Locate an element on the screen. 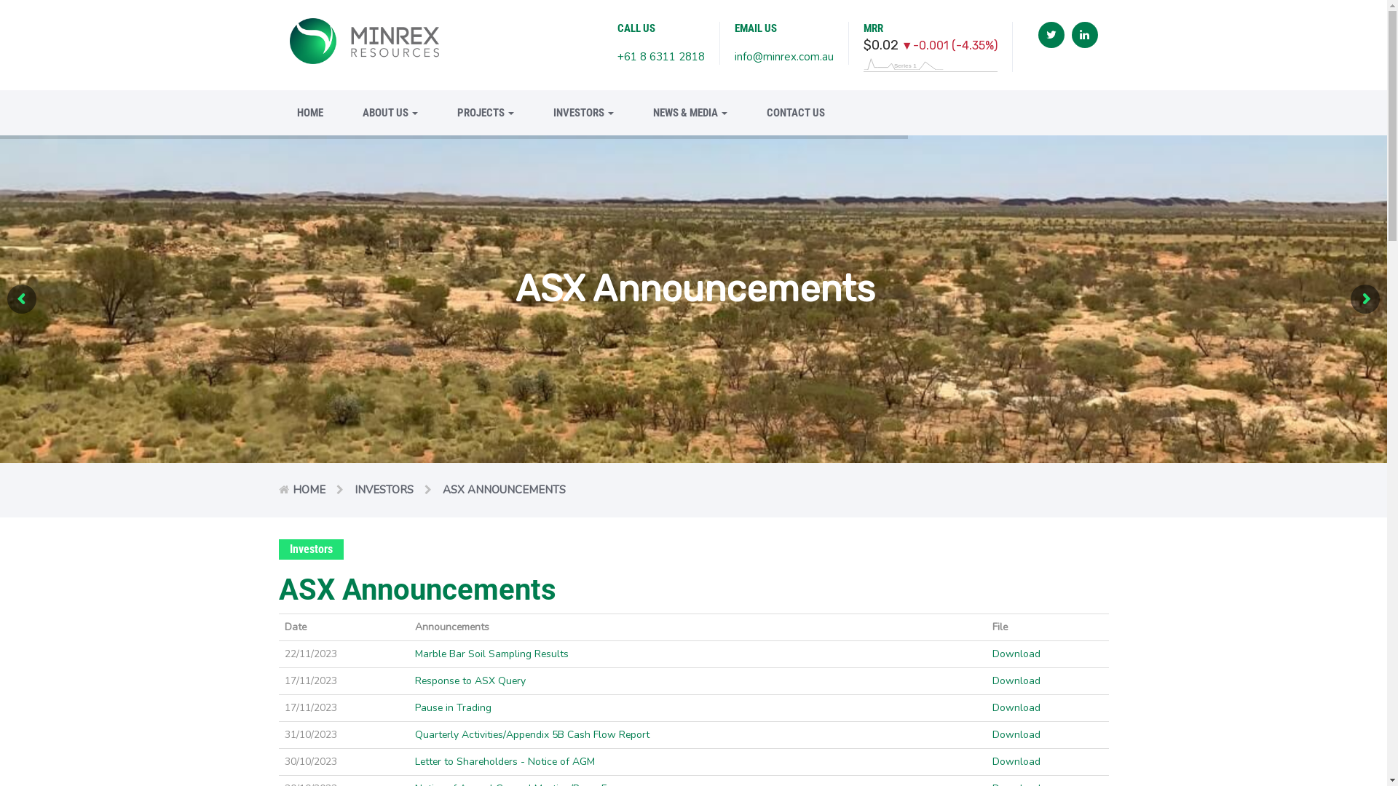  'HOME' is located at coordinates (309, 111).